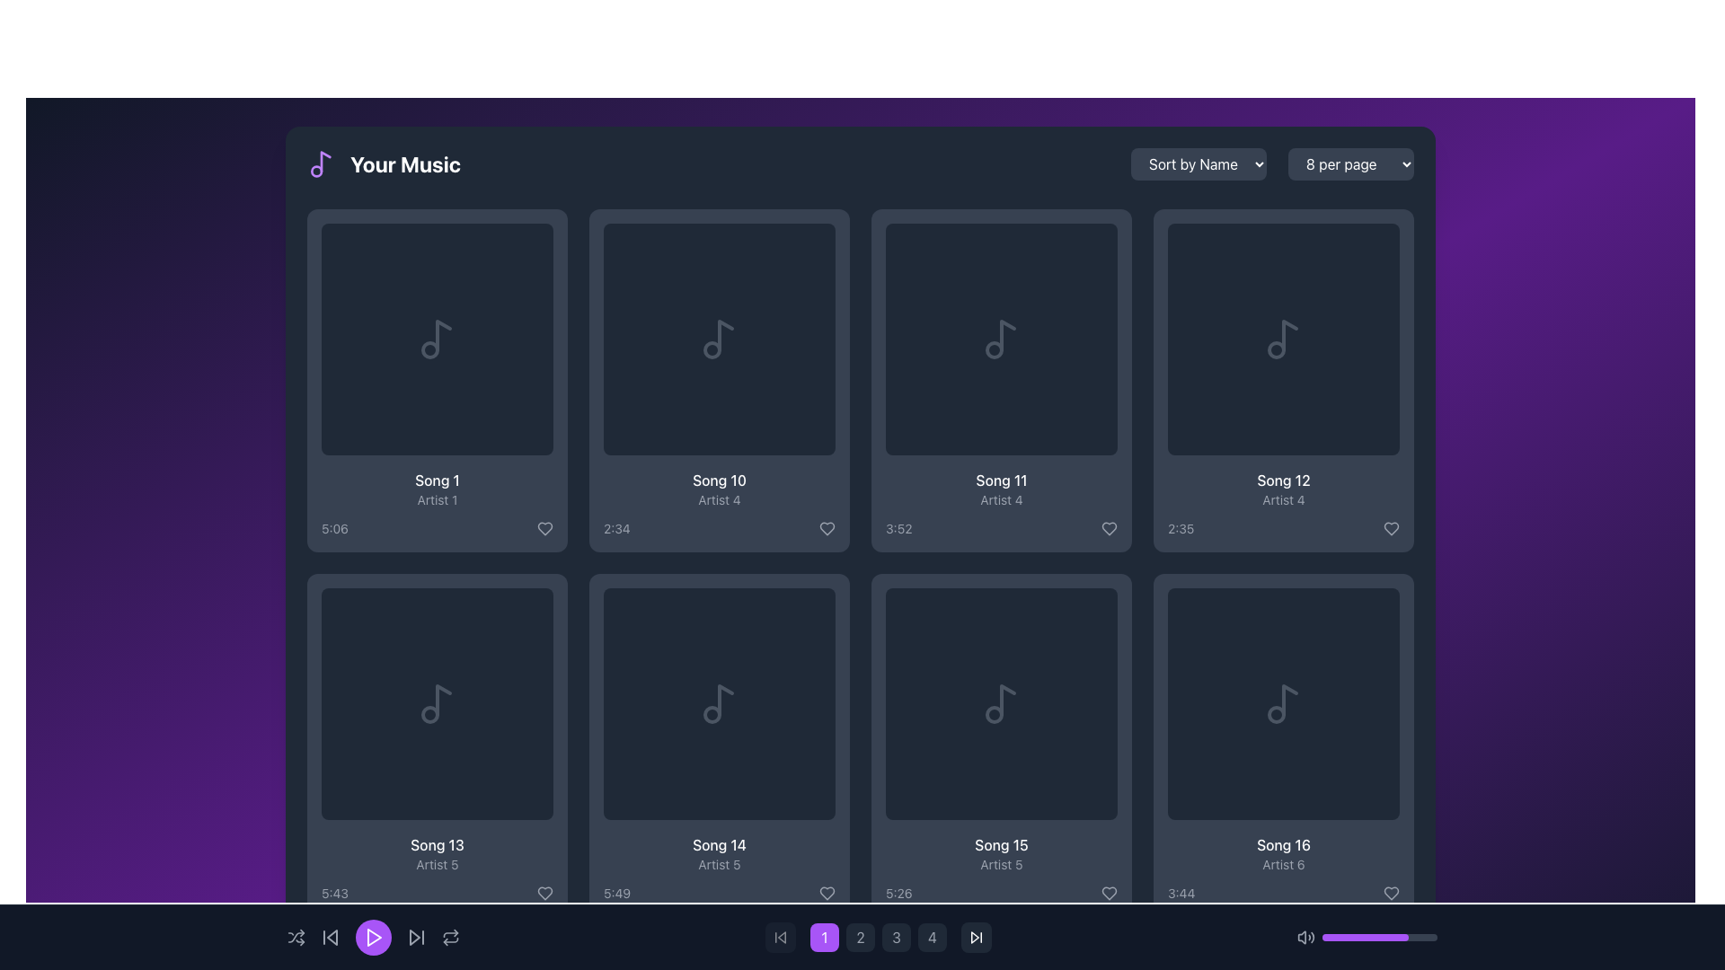 Image resolution: width=1725 pixels, height=970 pixels. Describe the element at coordinates (827, 528) in the screenshot. I see `the favorite button for 'Song 10' by 'Artist 4' to change its color` at that location.